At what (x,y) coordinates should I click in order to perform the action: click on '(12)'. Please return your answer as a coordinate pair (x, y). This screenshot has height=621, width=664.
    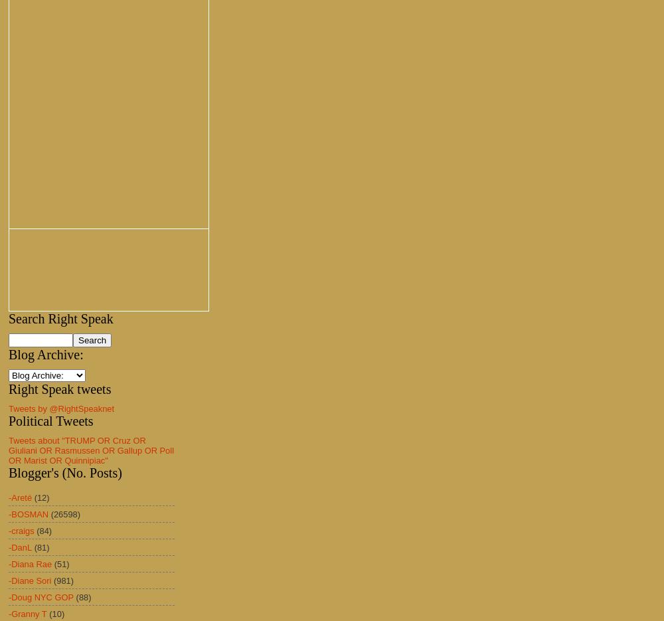
    Looking at the image, I should click on (34, 497).